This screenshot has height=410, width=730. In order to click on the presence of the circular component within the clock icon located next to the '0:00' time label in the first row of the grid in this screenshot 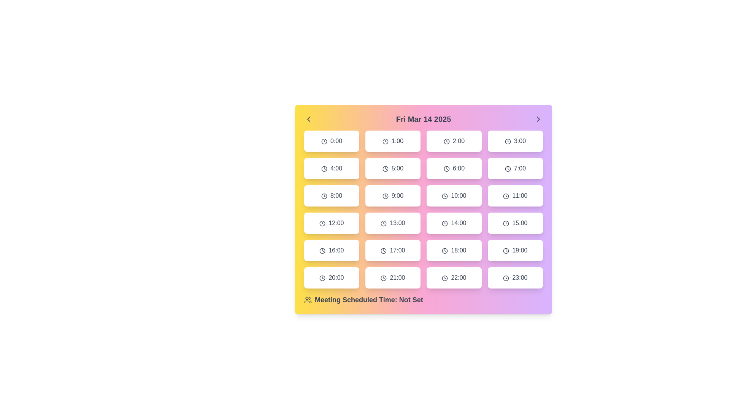, I will do `click(324, 141)`.